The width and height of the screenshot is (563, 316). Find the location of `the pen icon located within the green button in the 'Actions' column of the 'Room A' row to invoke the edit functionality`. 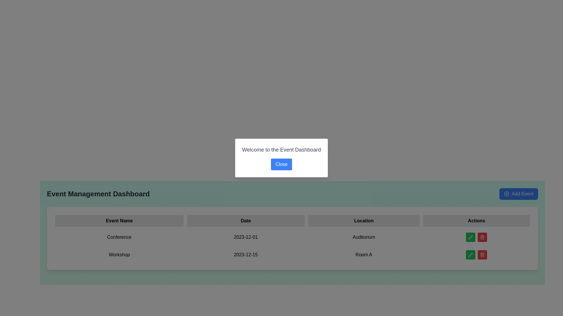

the pen icon located within the green button in the 'Actions' column of the 'Room A' row to invoke the edit functionality is located at coordinates (471, 255).